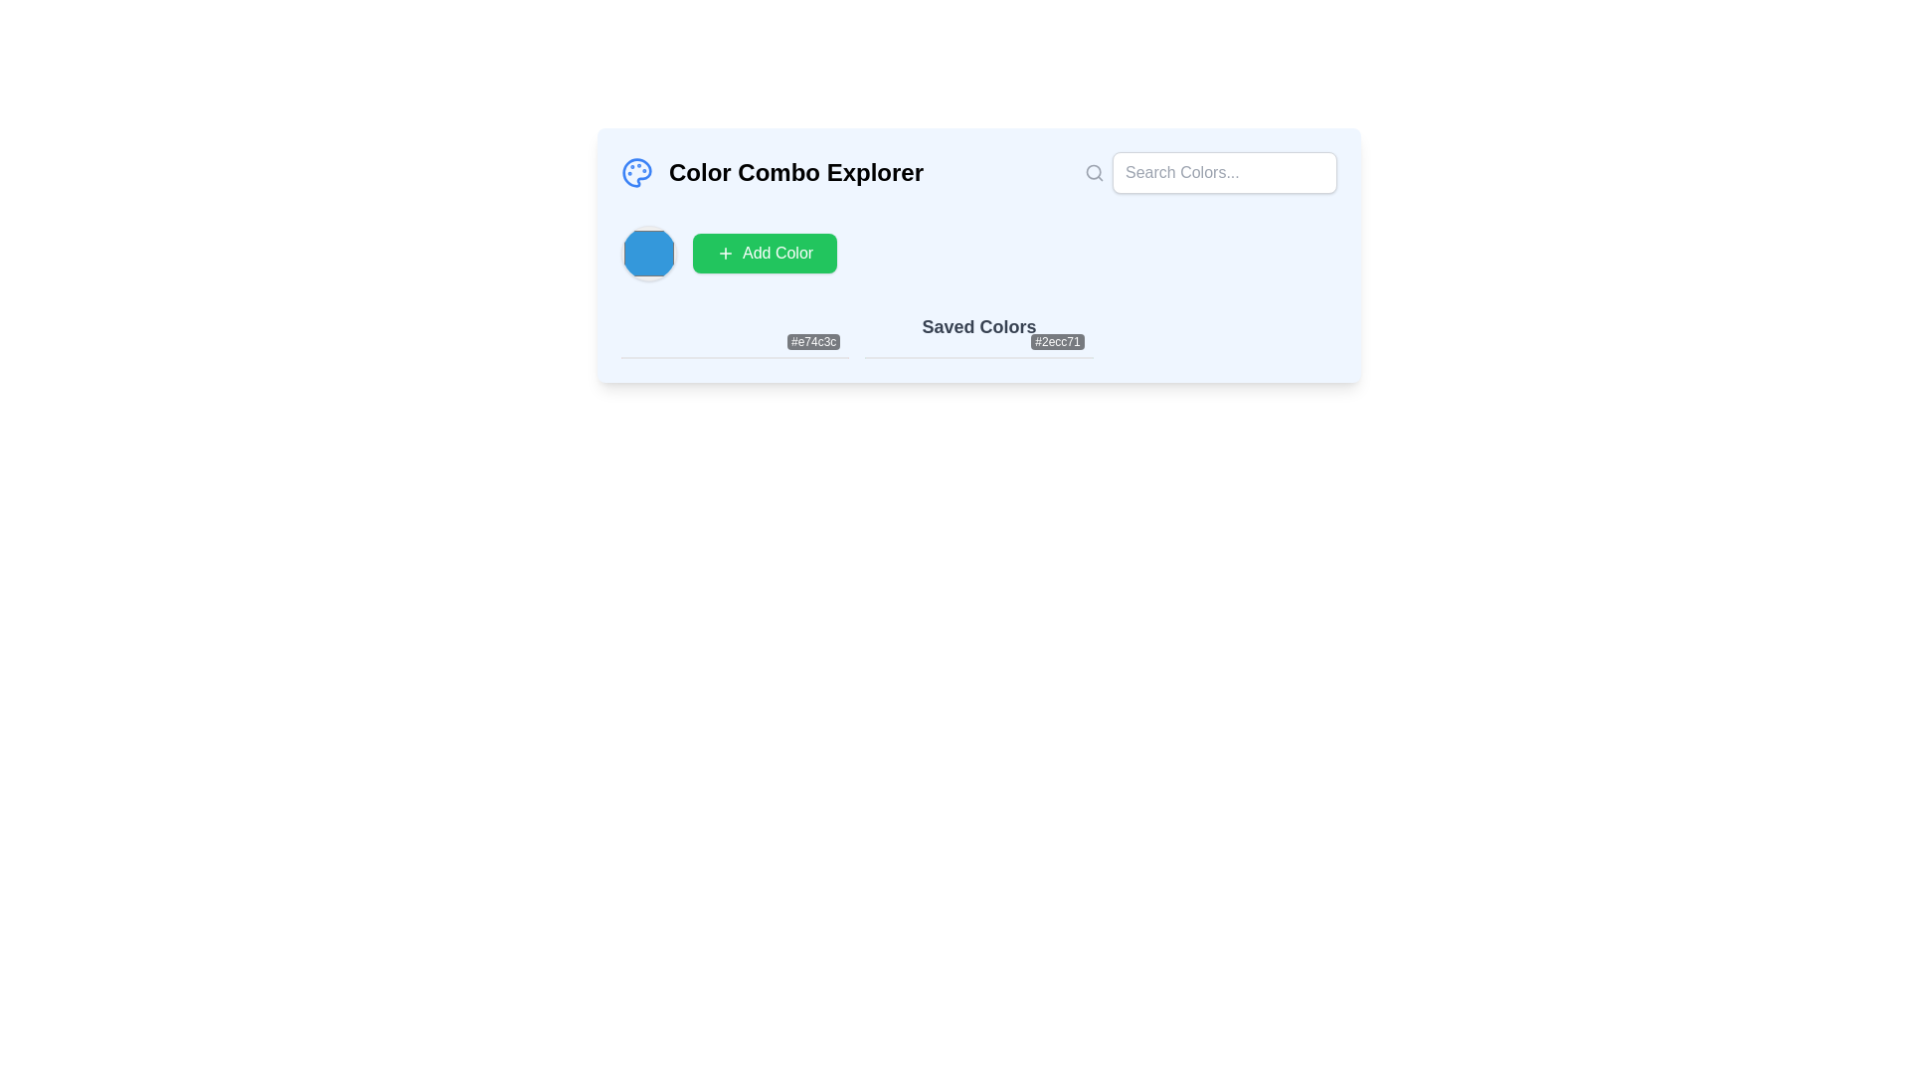  I want to click on the central circular component of the blue painter's palette icon located next to 'Color Combo Explorer', so click(636, 171).